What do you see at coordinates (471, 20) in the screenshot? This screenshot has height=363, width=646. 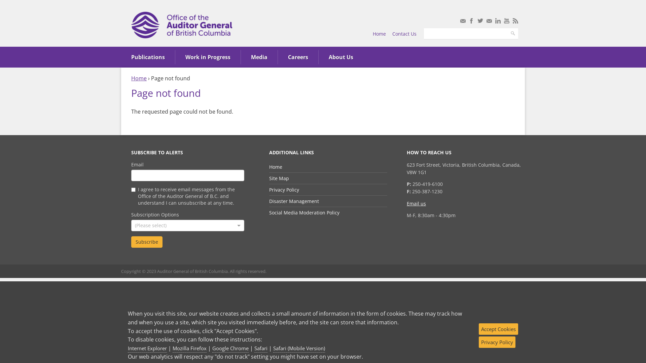 I see `'Join us on Facebook'` at bounding box center [471, 20].